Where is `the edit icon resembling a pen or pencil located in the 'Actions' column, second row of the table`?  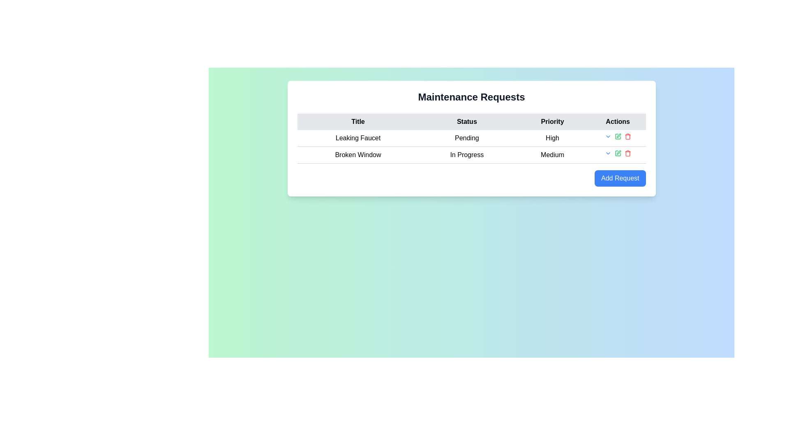 the edit icon resembling a pen or pencil located in the 'Actions' column, second row of the table is located at coordinates (618, 152).